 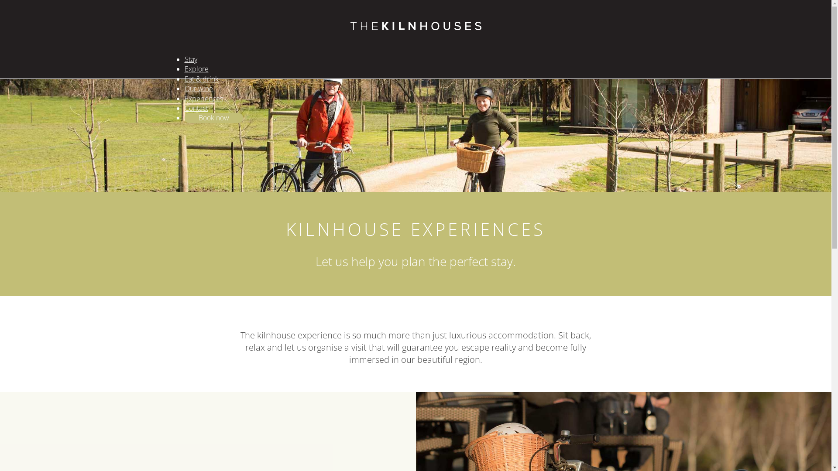 What do you see at coordinates (184, 68) in the screenshot?
I see `'Explore'` at bounding box center [184, 68].